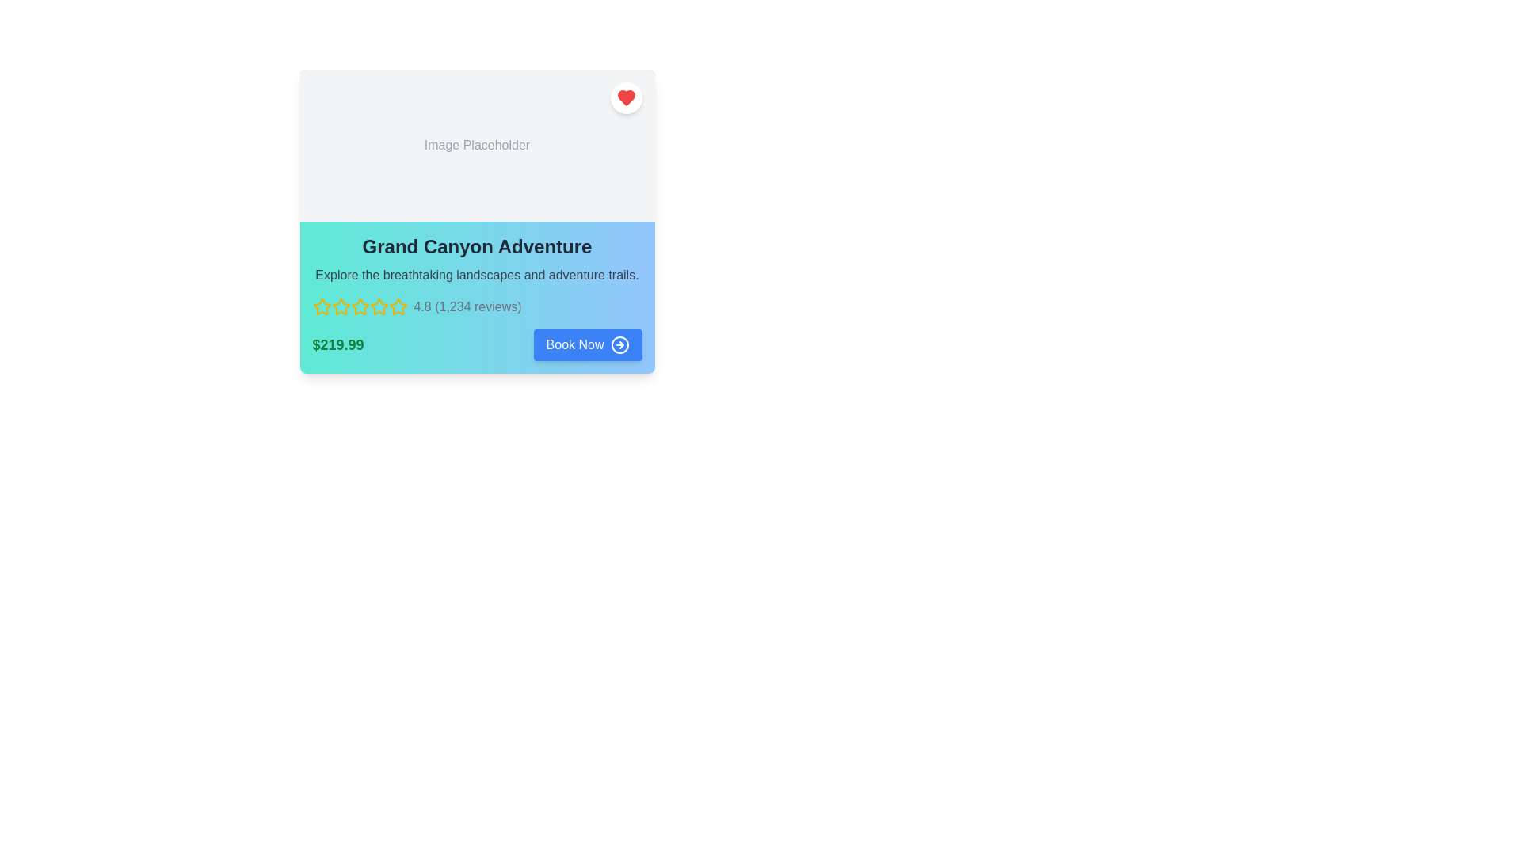 The height and width of the screenshot is (855, 1521). I want to click on the fourth star in the star rating icon, so click(359, 307).